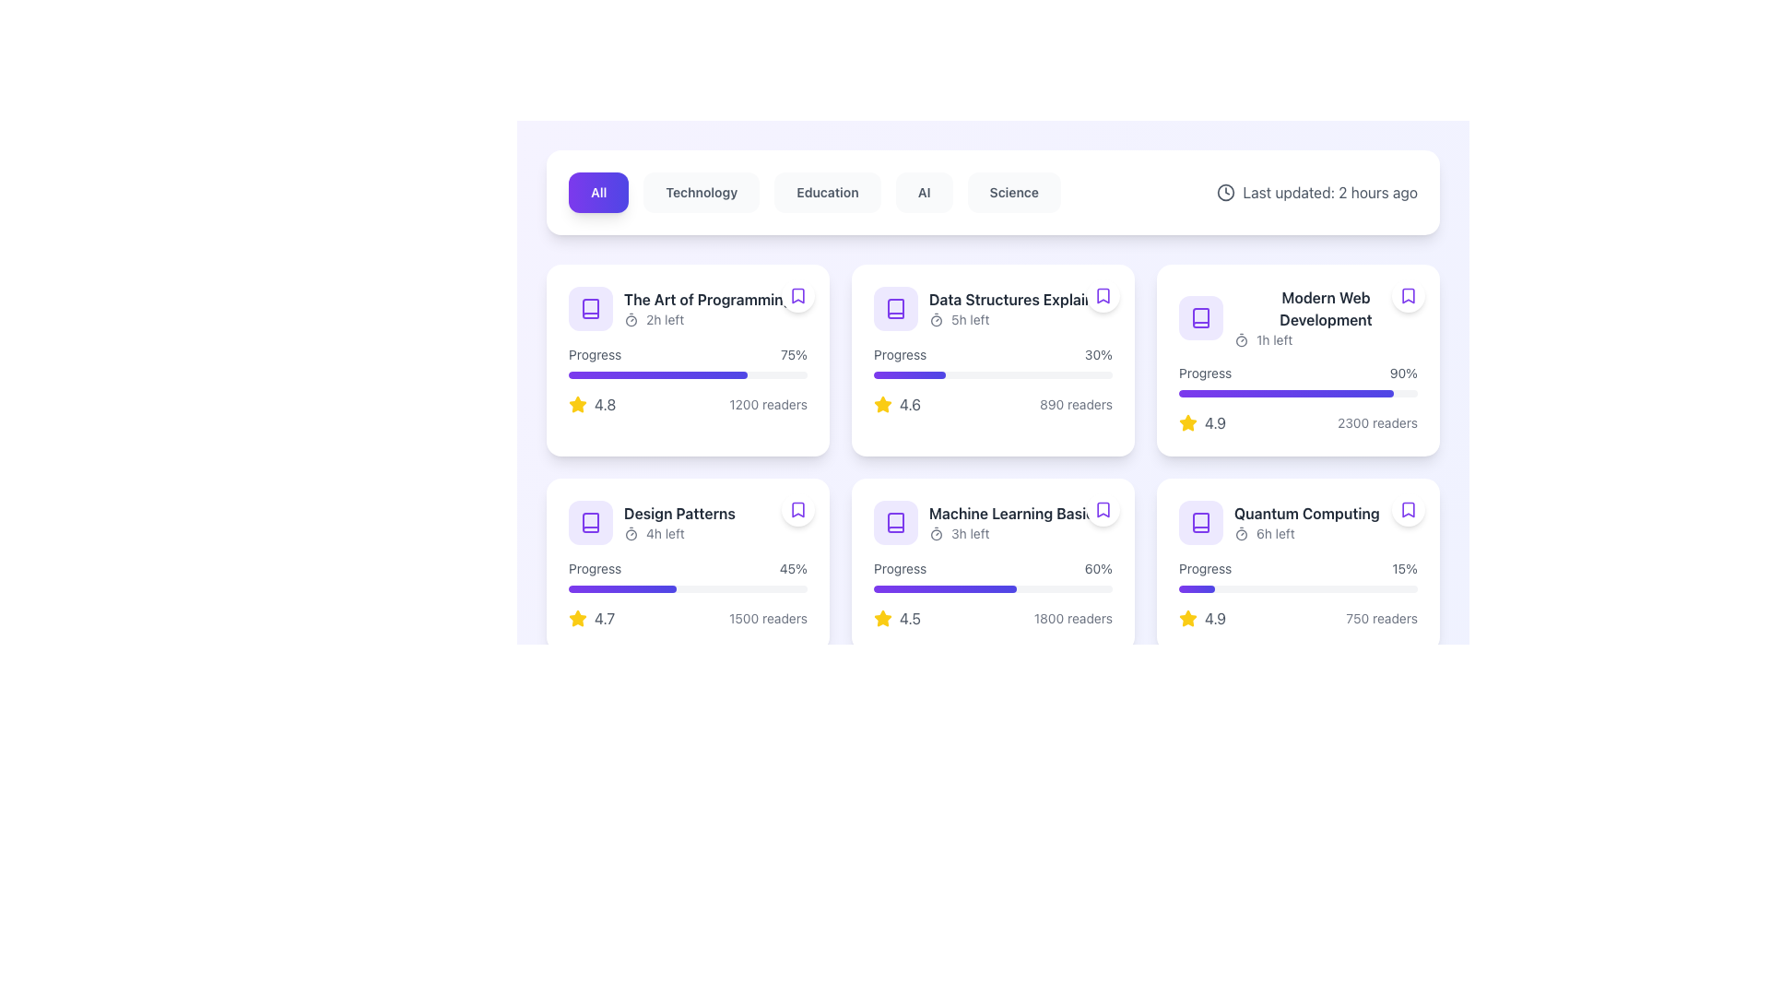  I want to click on the text block that displays the title and remaining time of a course or lesson, located in the first row, first column of the grid layout, to the right of a violet-colored book icon, so click(707, 308).